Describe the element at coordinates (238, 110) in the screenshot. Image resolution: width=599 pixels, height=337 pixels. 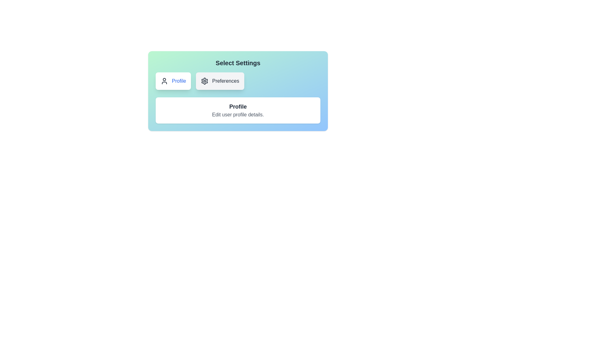
I see `the Text Section labeled 'Profile' which displays the subtitle 'Edit user profile details.'` at that location.